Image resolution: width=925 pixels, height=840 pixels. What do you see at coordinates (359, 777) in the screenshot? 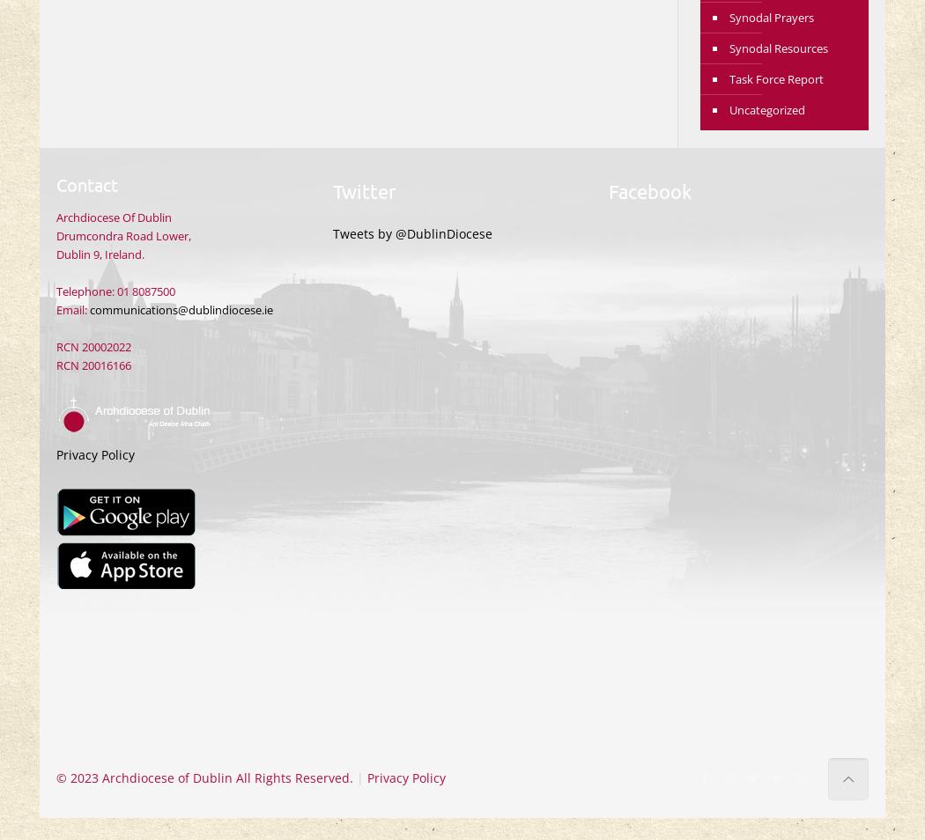
I see `'|'` at bounding box center [359, 777].